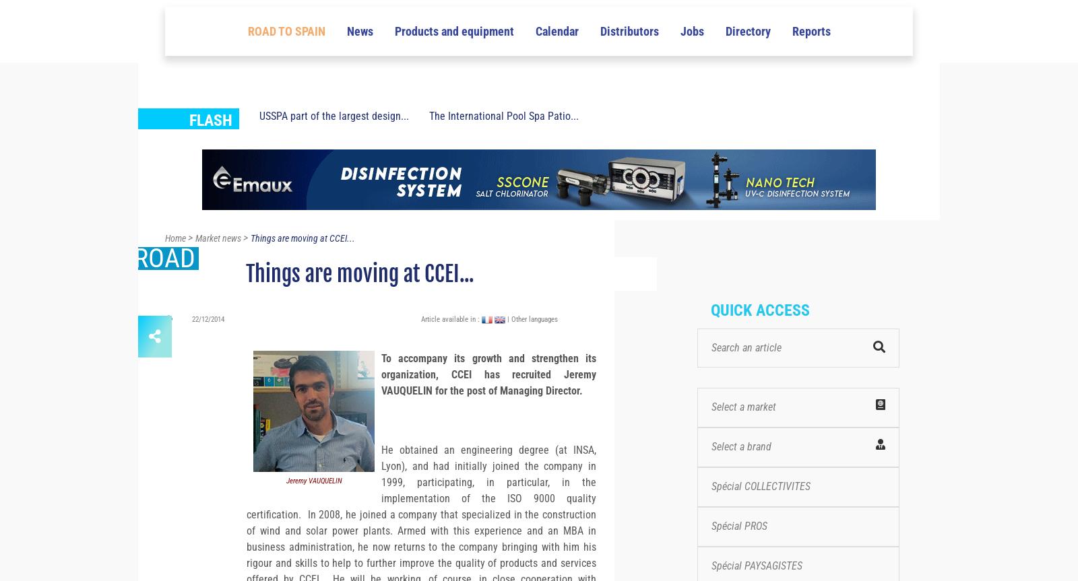 The image size is (1078, 581). I want to click on 'USSPA part of the largest design...', so click(334, 140).